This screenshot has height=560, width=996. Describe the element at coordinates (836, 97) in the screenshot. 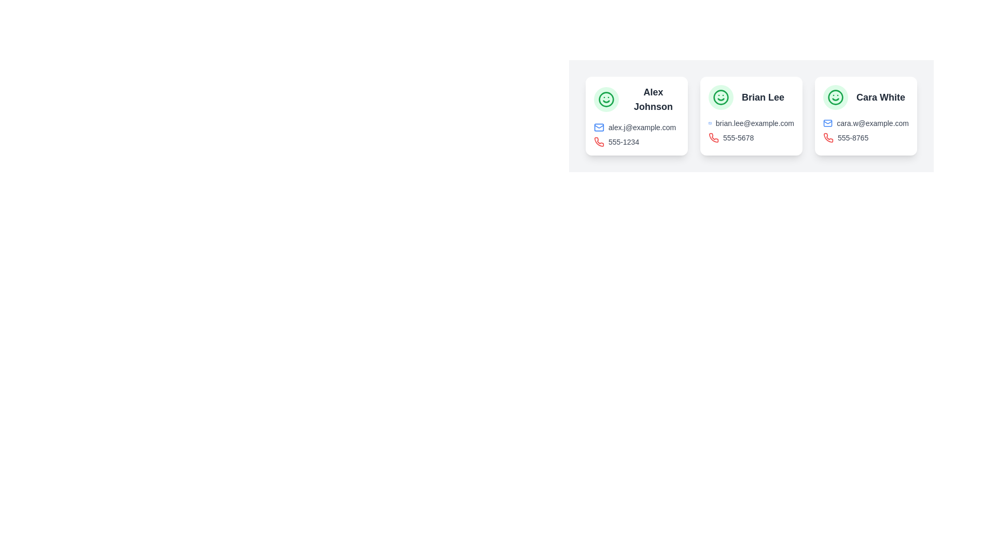

I see `the decorative icon located in the top-left corner of the card for 'Cara White', positioned to the left of the person's name` at that location.